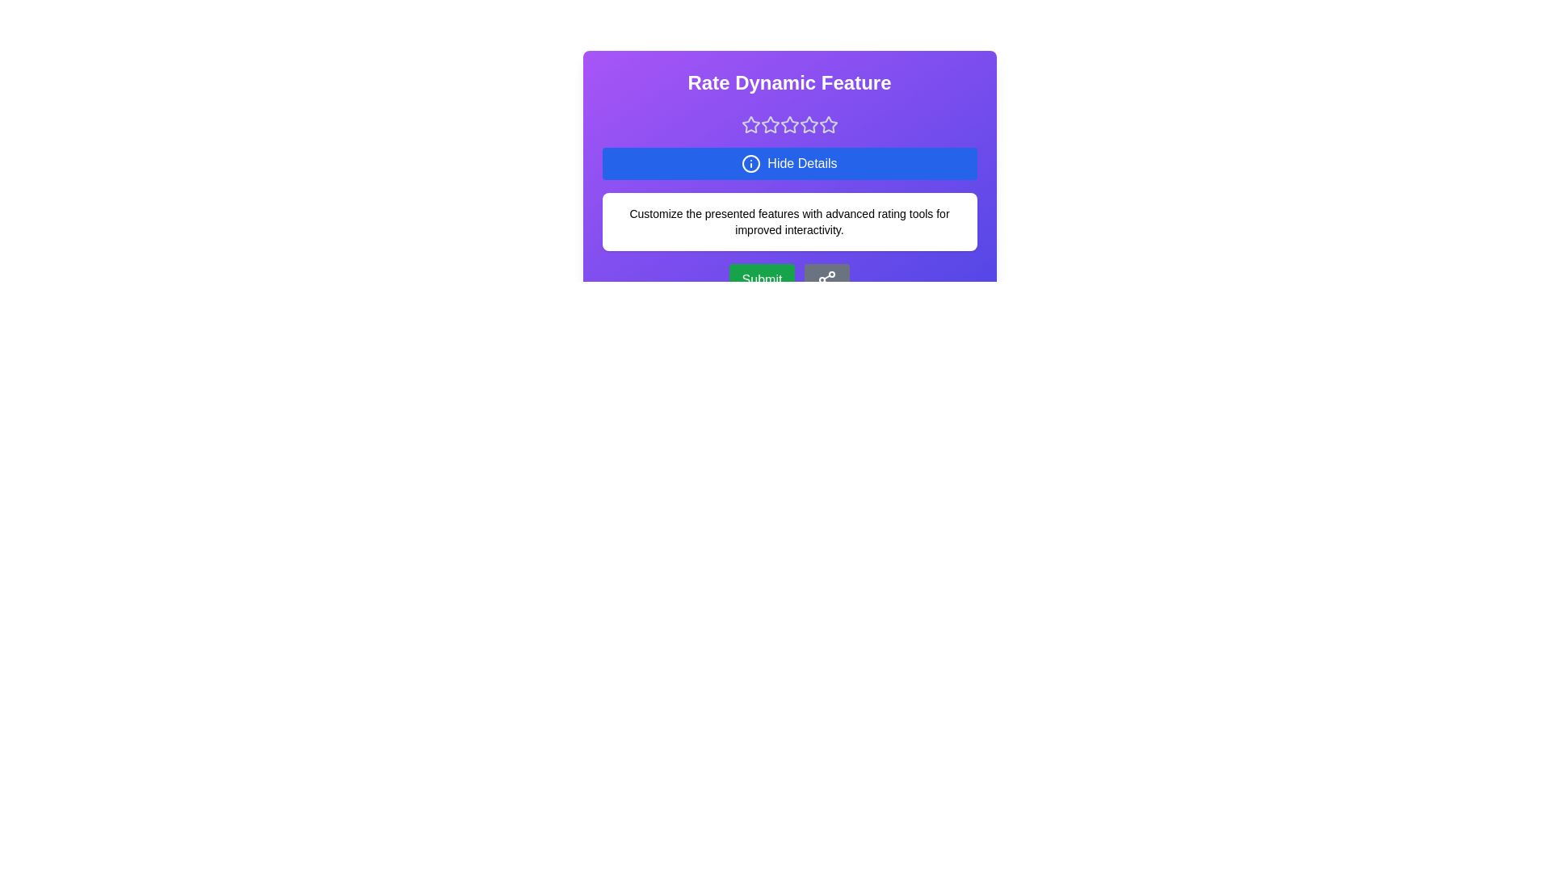 The height and width of the screenshot is (872, 1551). Describe the element at coordinates (761, 279) in the screenshot. I see `the 'Submit' button to submit the rating` at that location.